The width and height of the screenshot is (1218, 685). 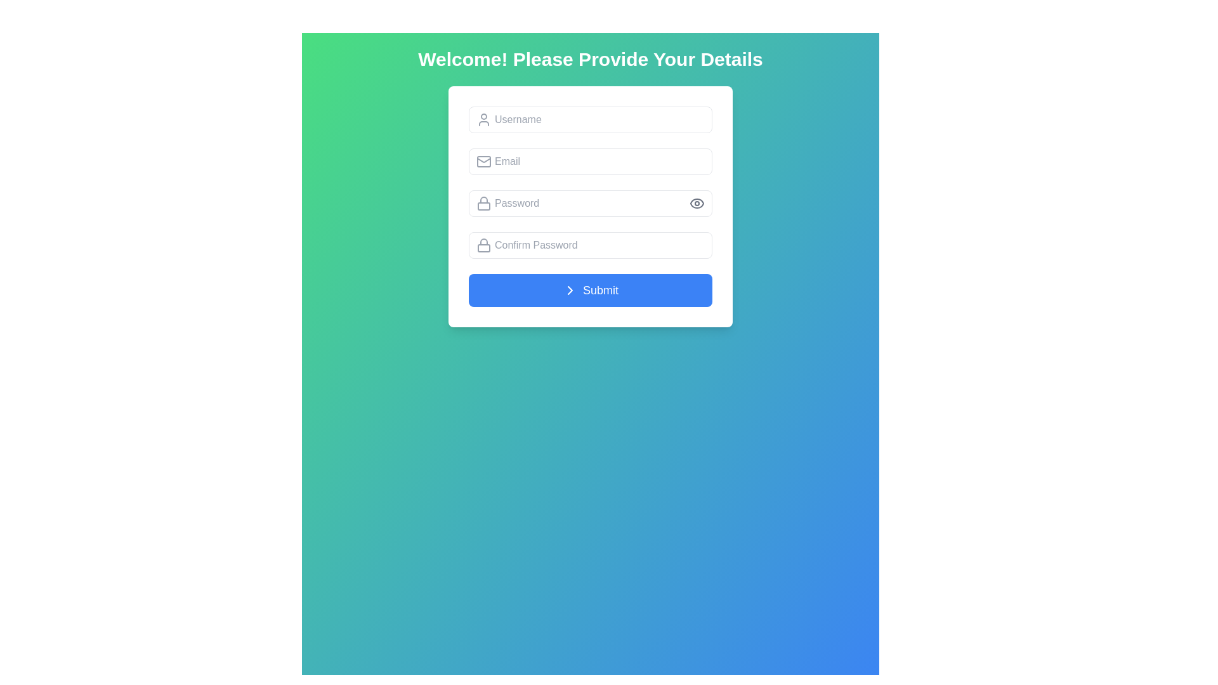 I want to click on the icon that indicates the nature of the 'Confirm Password' input field, which is aligned to the left margin of the field and vertically centered relative to its height, so click(x=483, y=245).